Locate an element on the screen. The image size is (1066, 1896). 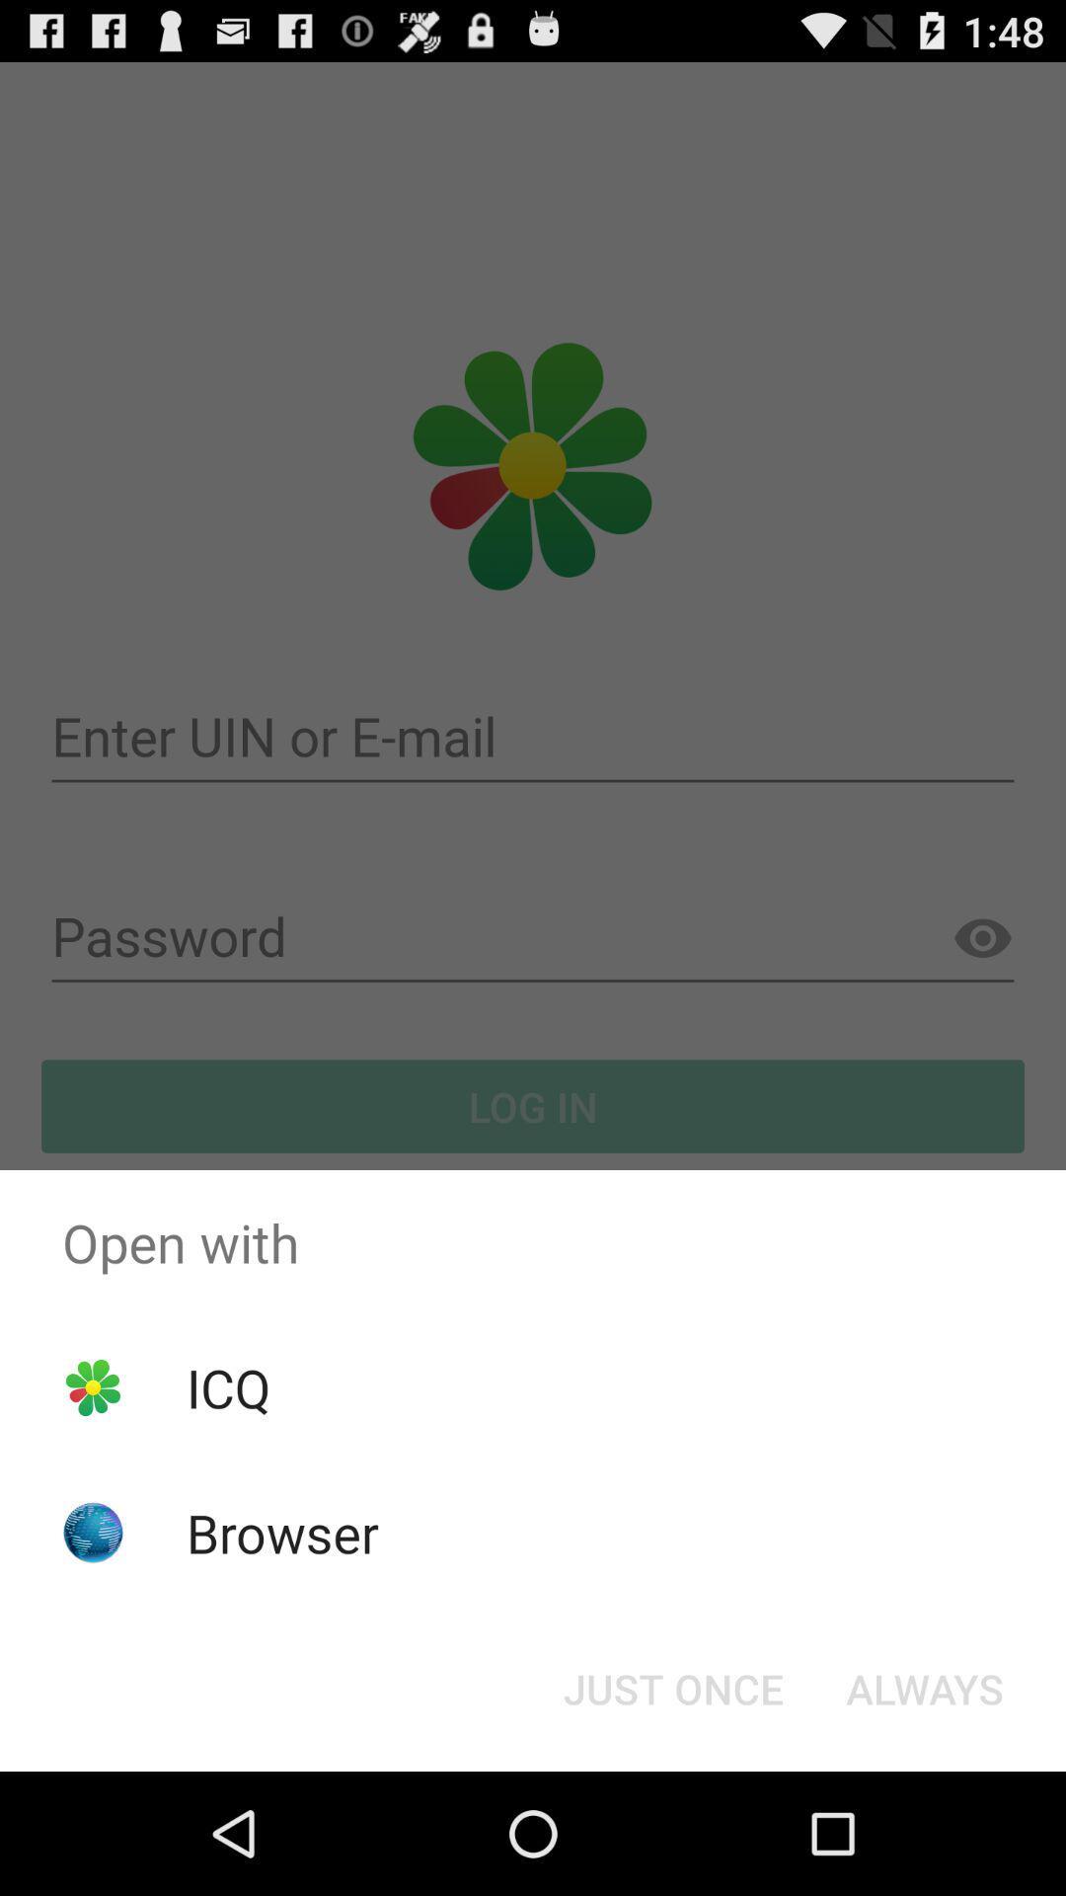
icon below the icq is located at coordinates (282, 1532).